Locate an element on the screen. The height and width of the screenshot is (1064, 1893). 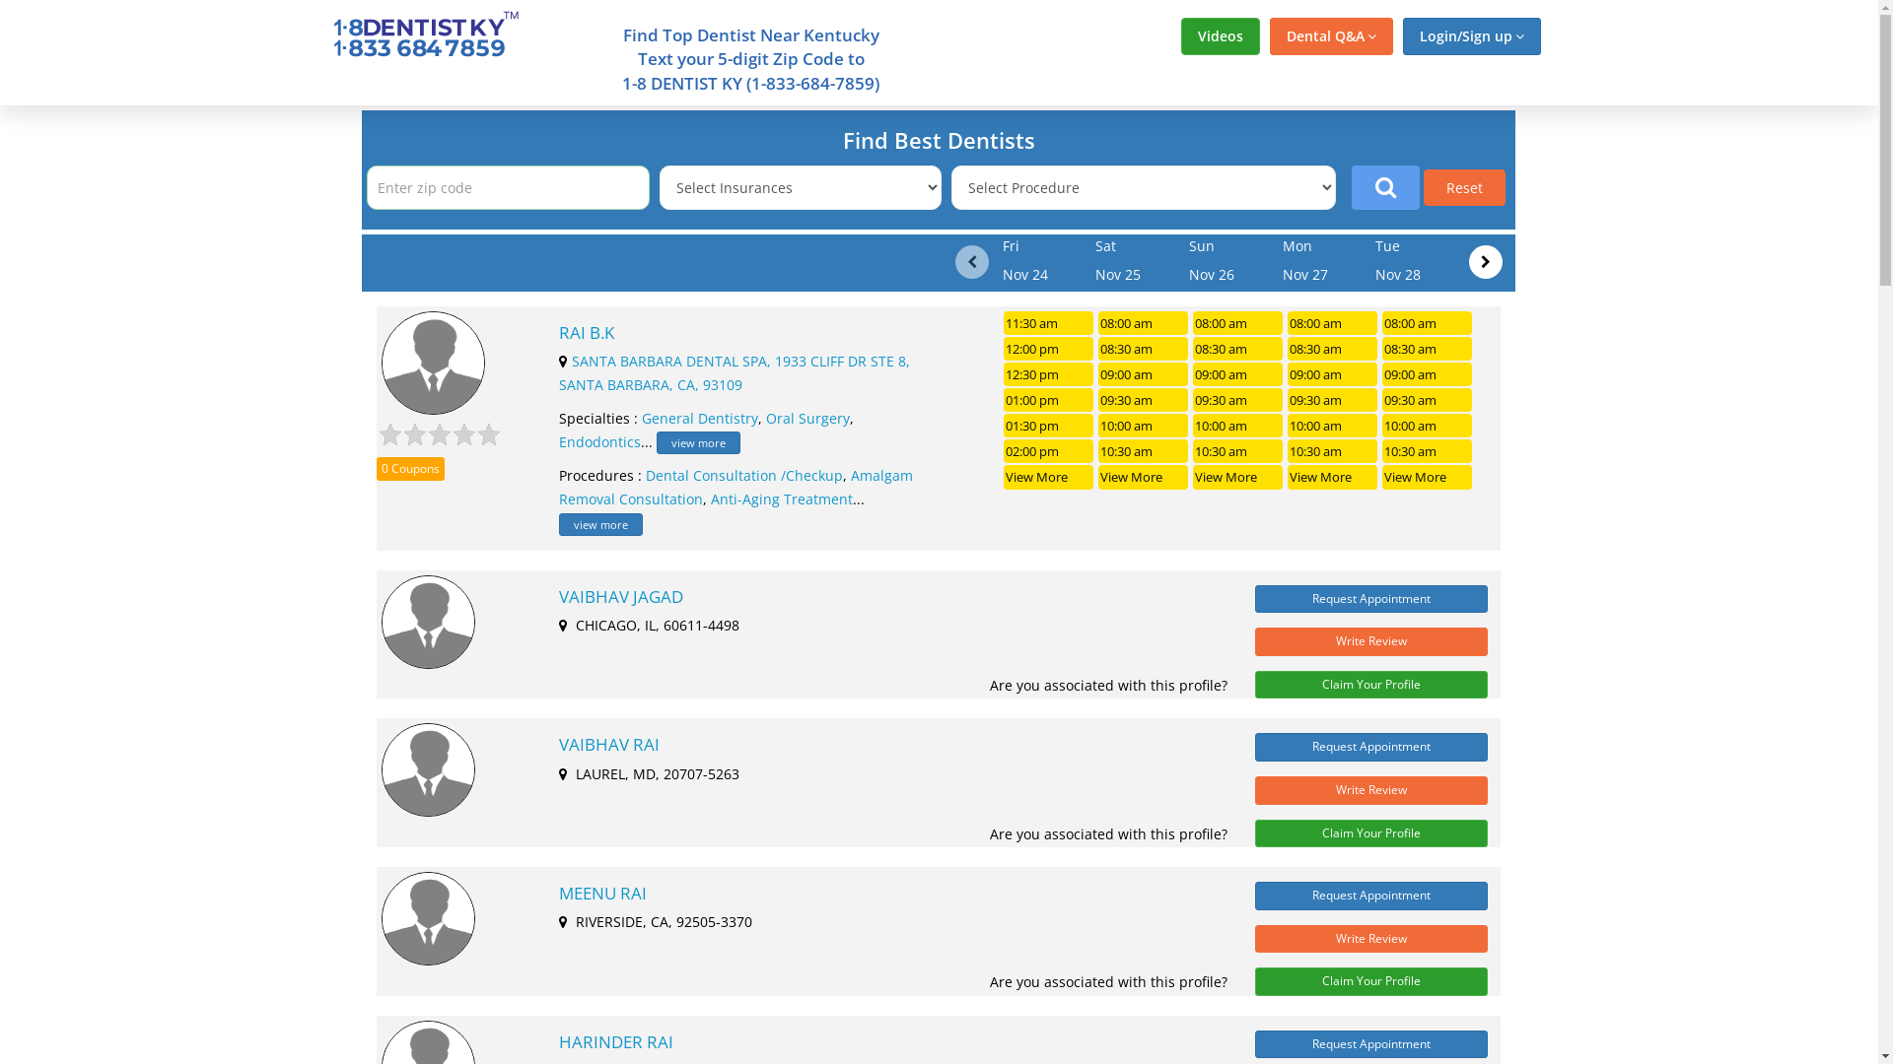
'view more' is located at coordinates (698, 441).